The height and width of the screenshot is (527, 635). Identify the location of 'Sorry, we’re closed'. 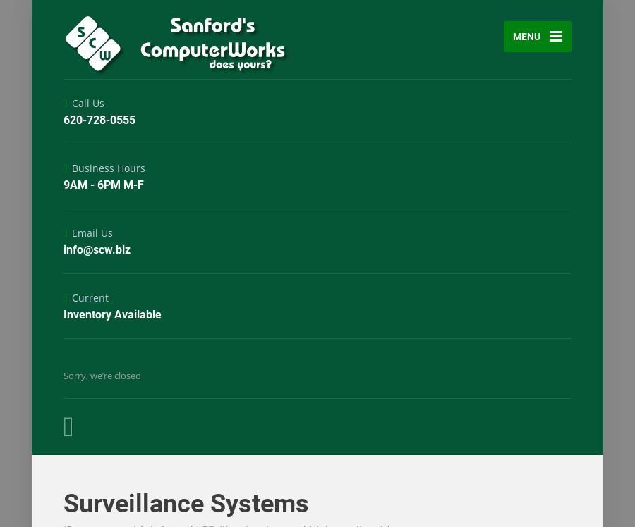
(103, 375).